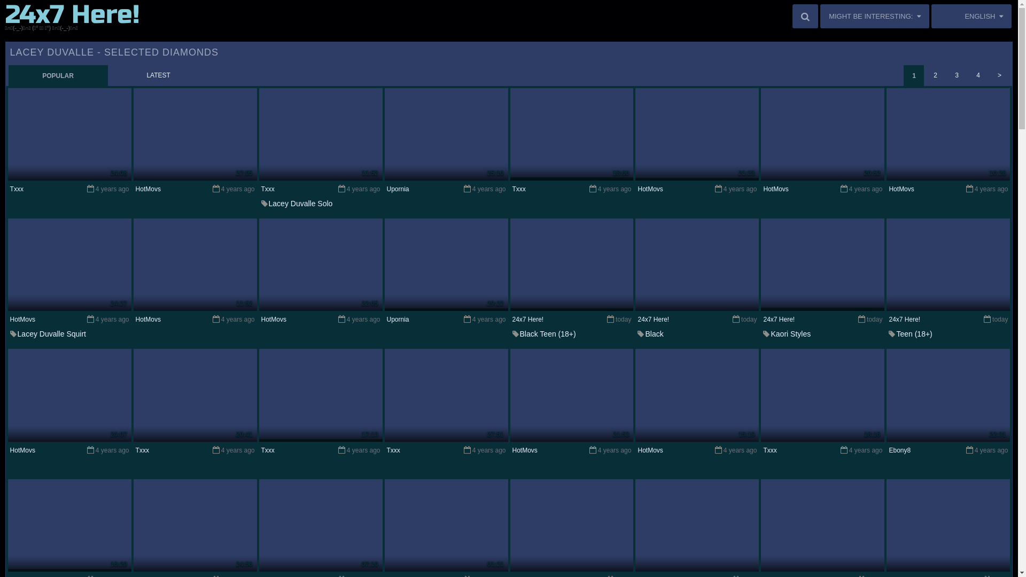  I want to click on 'LATEST', so click(108, 75).